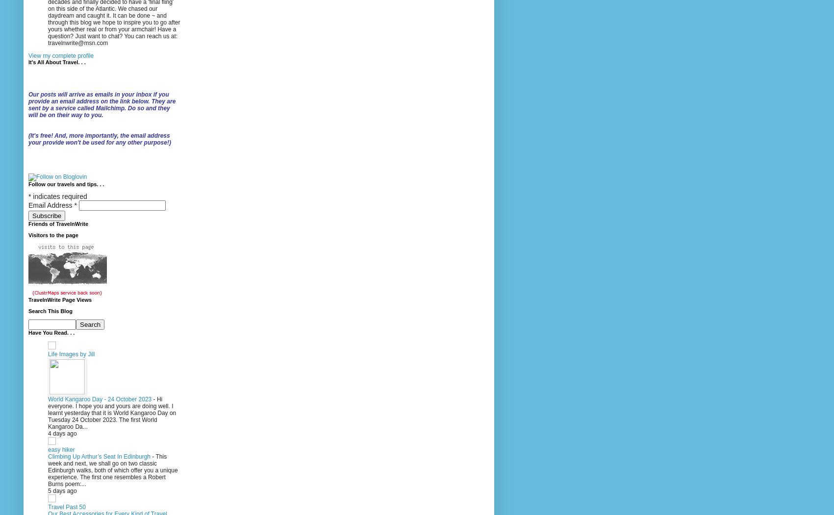  Describe the element at coordinates (66, 507) in the screenshot. I see `'Travel Past 50'` at that location.